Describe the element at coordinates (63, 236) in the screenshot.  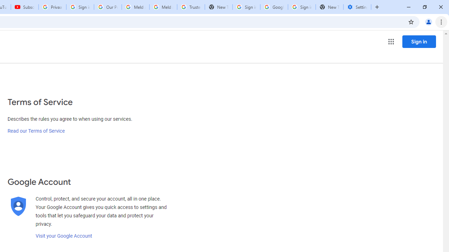
I see `'Visit your Google Account'` at that location.